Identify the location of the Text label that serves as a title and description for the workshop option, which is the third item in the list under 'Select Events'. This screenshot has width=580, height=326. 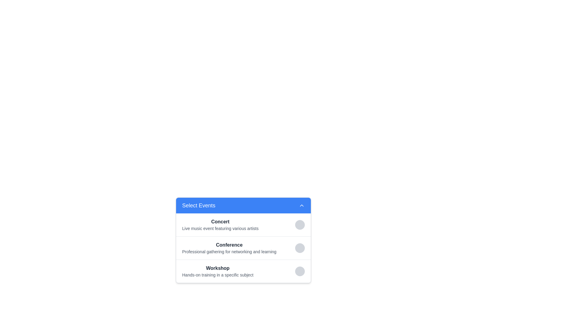
(217, 271).